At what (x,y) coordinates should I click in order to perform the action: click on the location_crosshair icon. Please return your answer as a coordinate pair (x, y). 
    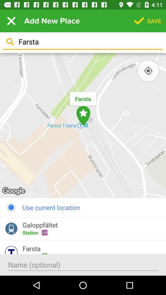
    Looking at the image, I should click on (148, 71).